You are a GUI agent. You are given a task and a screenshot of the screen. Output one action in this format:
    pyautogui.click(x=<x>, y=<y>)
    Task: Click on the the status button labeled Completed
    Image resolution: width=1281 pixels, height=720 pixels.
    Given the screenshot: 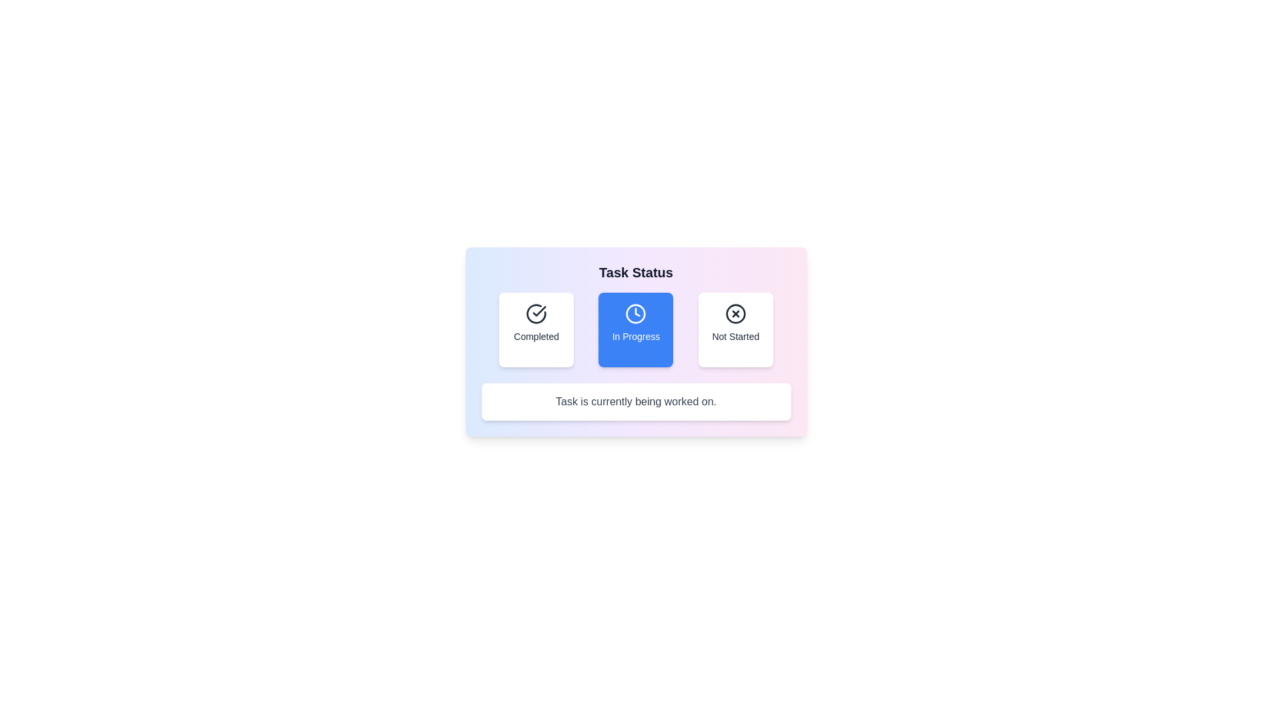 What is the action you would take?
    pyautogui.click(x=536, y=329)
    